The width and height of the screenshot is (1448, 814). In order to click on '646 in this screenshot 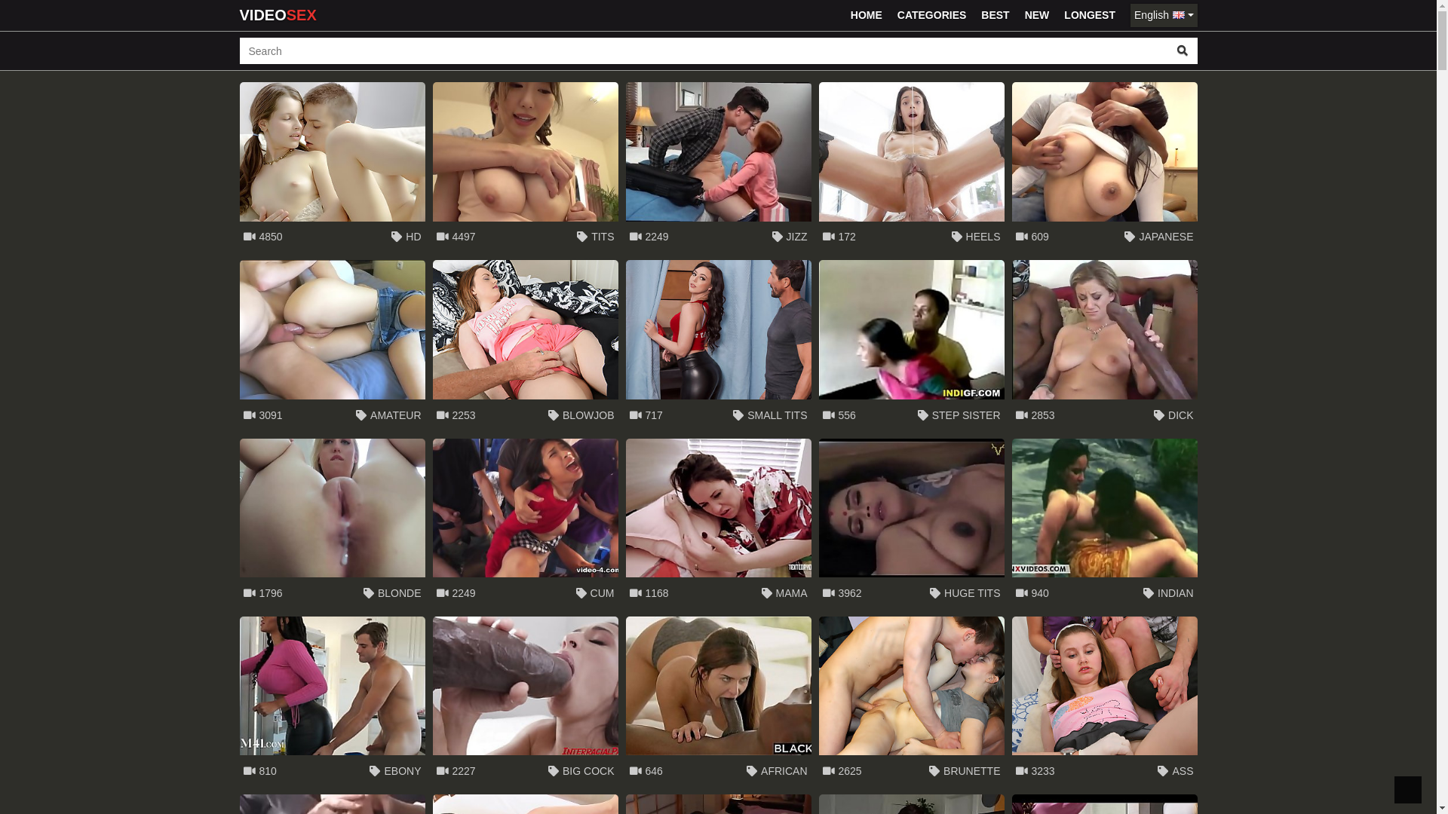, I will do `click(718, 701)`.